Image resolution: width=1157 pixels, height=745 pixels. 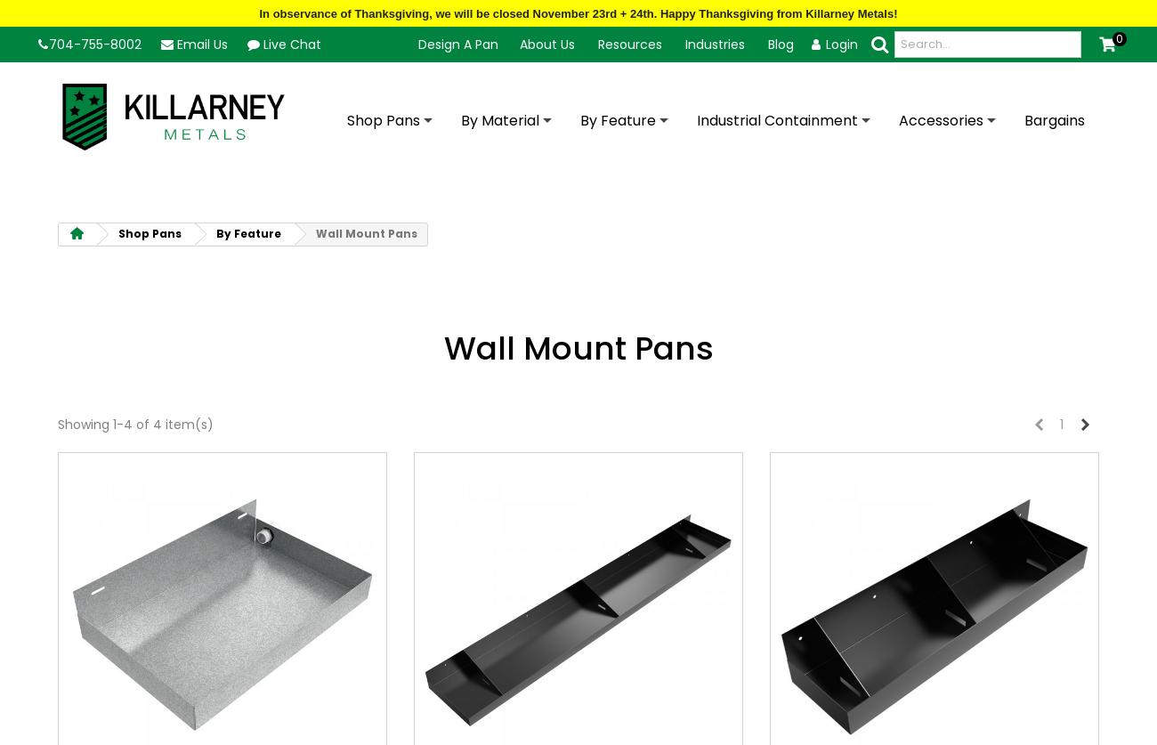 I want to click on 'Design a Pan', so click(x=458, y=43).